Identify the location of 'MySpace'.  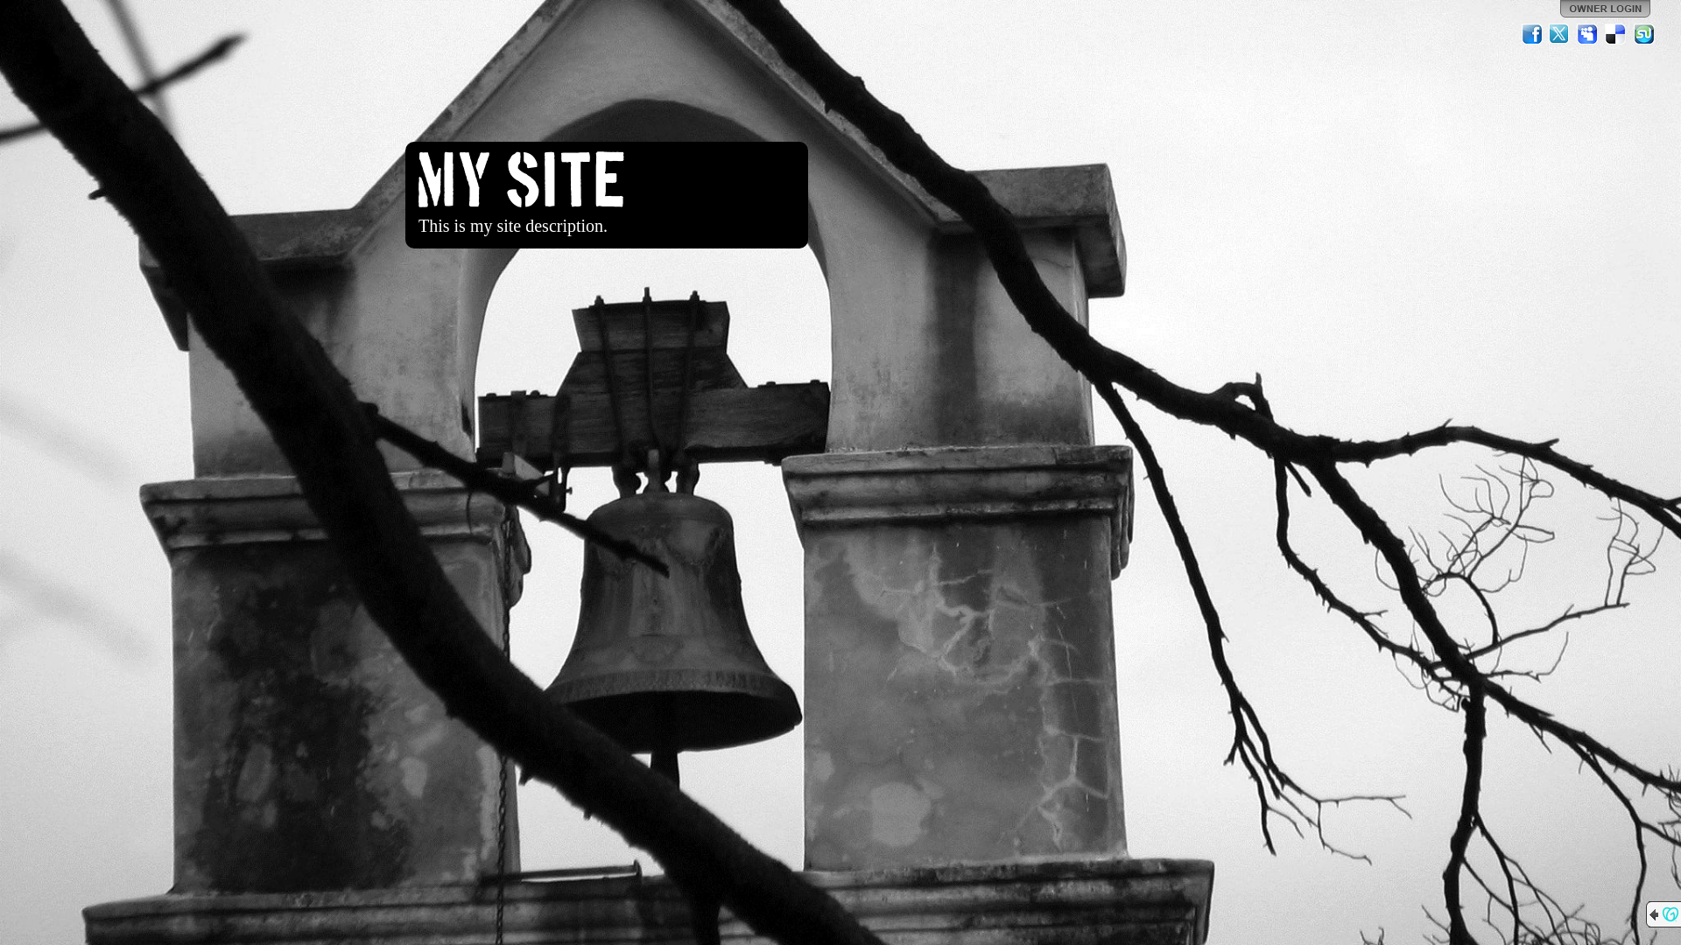
(1588, 33).